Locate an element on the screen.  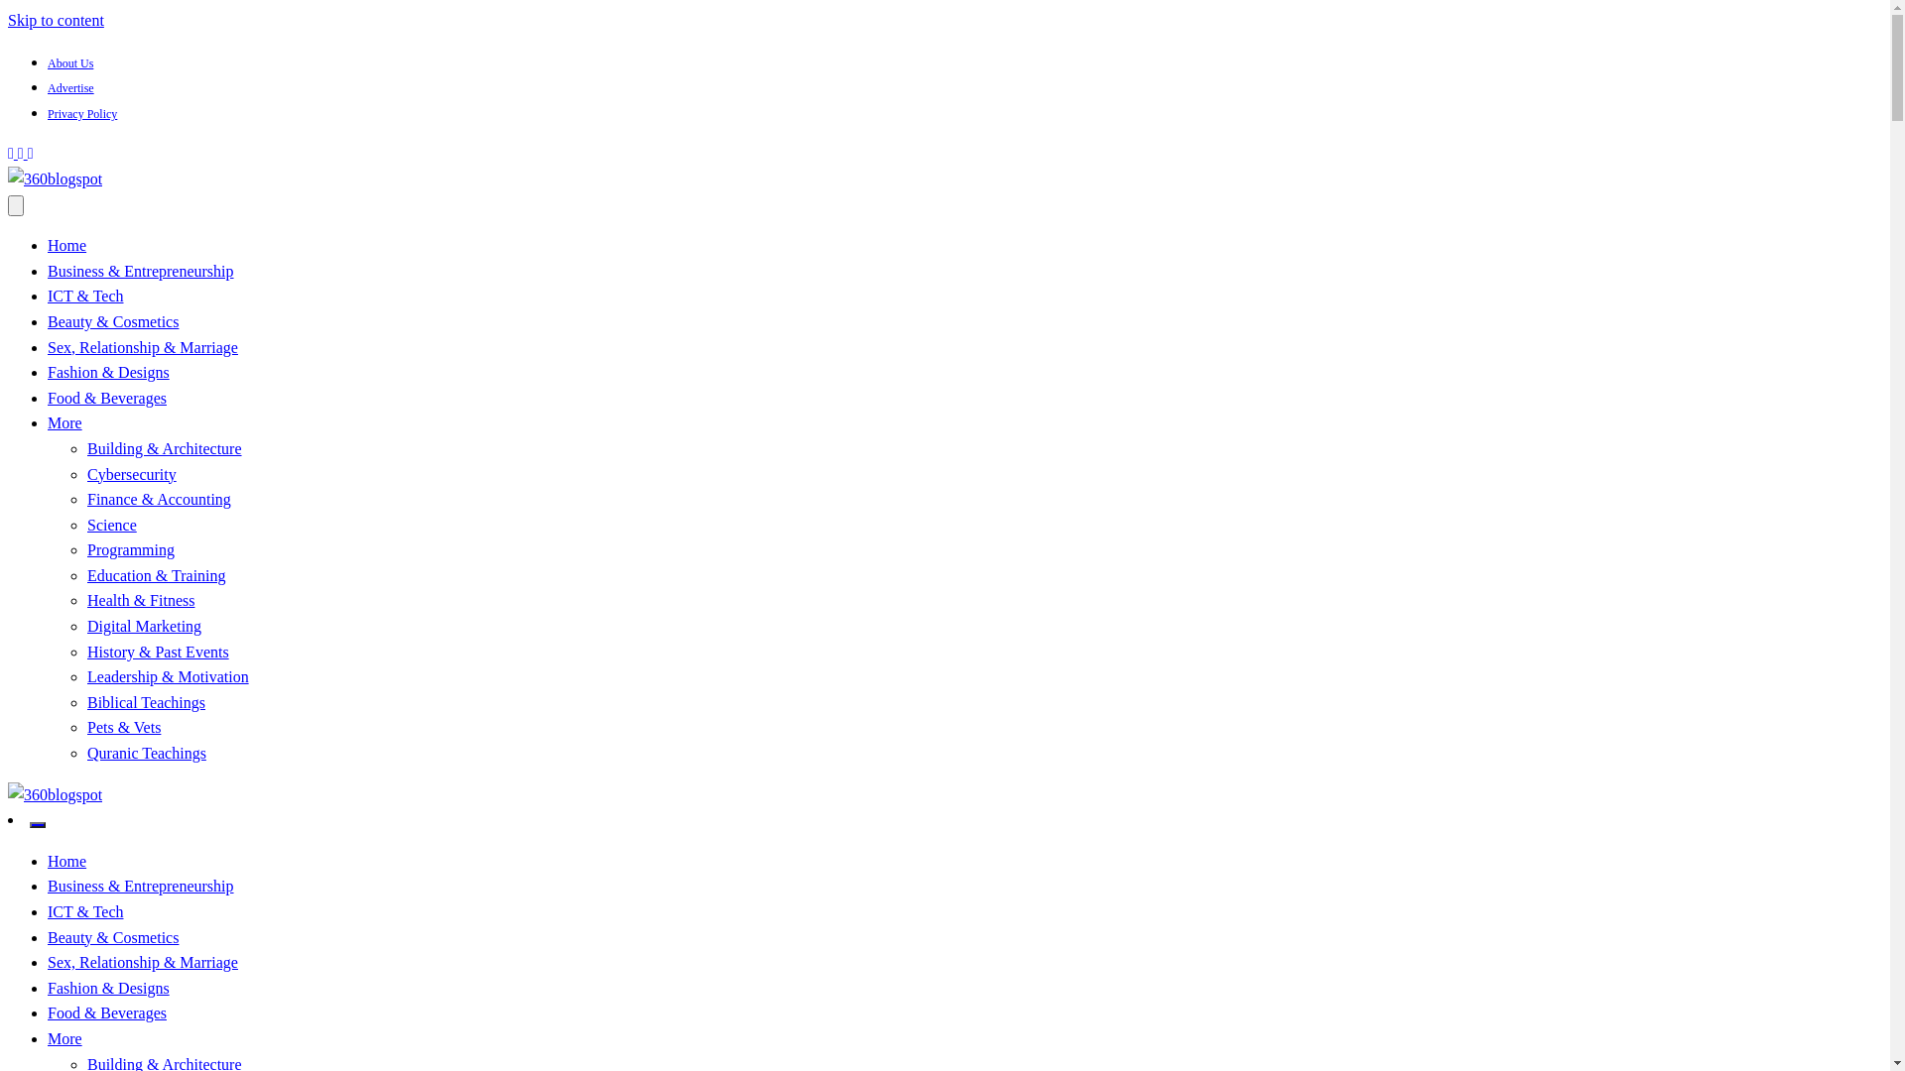
'Advertise' is located at coordinates (70, 86).